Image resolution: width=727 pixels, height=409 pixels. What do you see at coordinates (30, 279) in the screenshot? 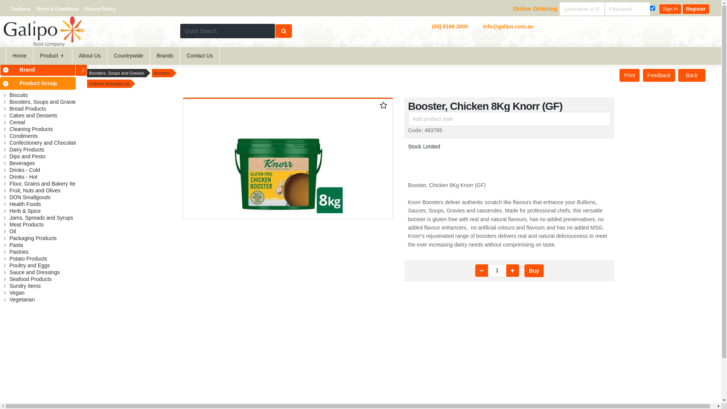
I see `'Seafood Products'` at bounding box center [30, 279].